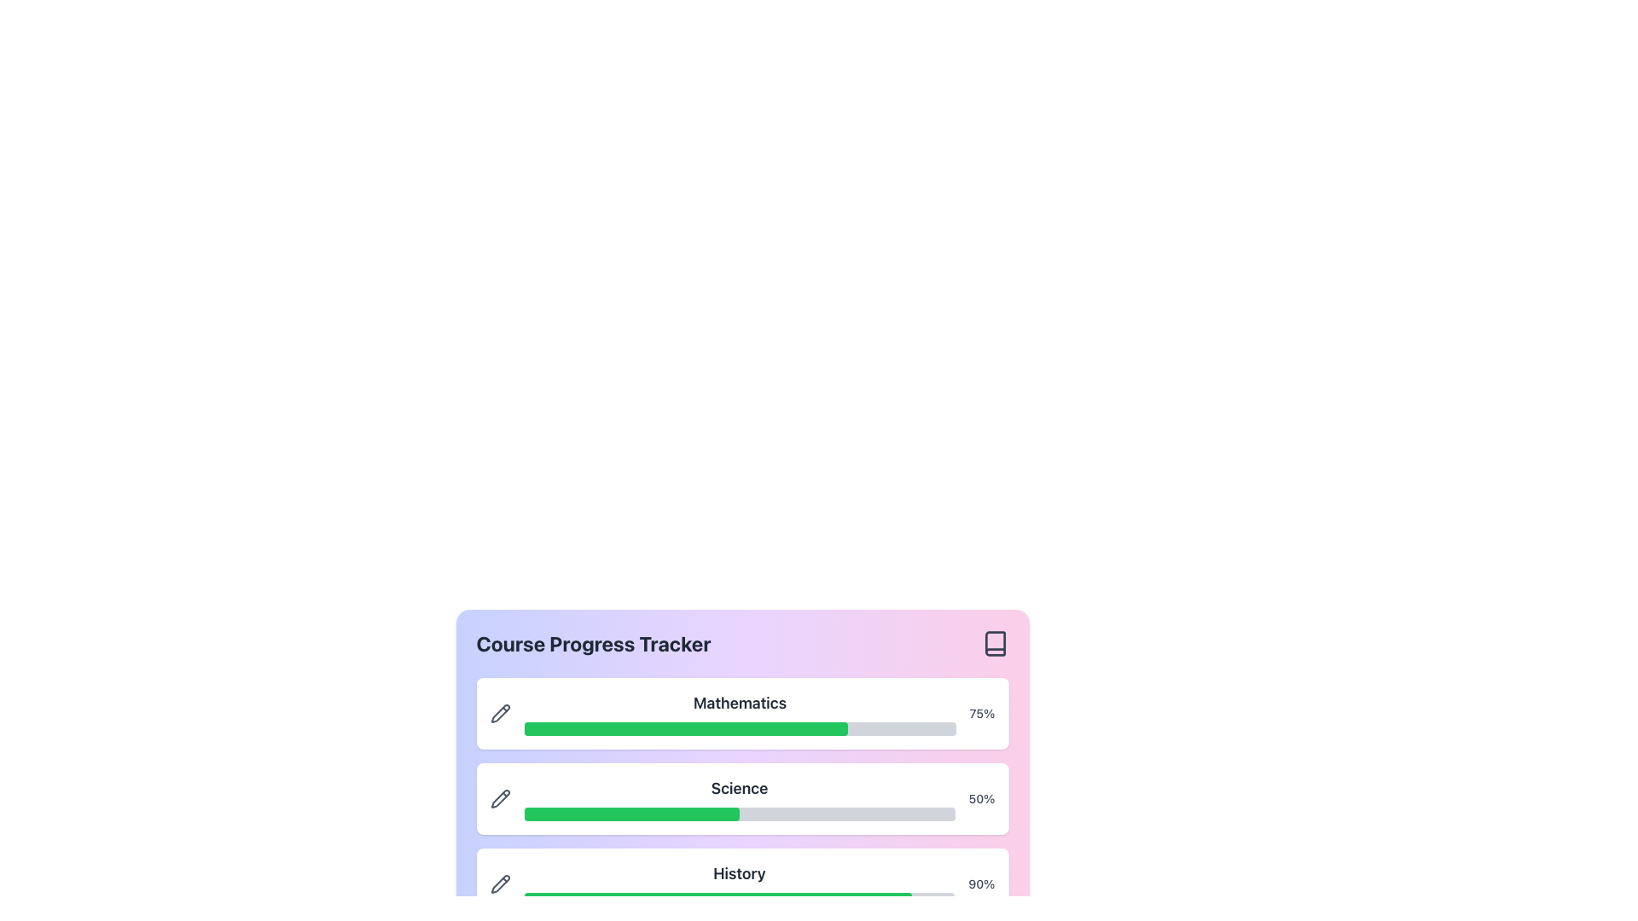 This screenshot has height=921, width=1638. I want to click on the pencil icon button located at the beginning of the 'History' progress tracker row, so click(499, 883).